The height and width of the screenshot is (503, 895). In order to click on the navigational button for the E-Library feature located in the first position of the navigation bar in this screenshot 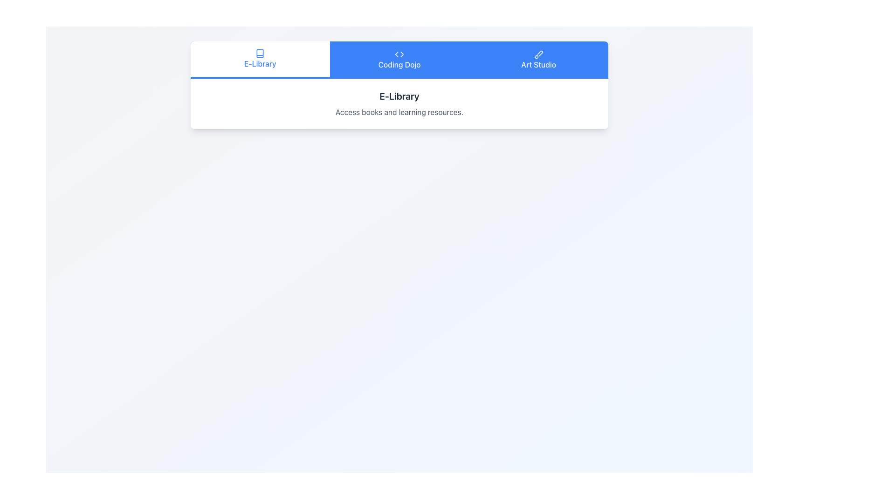, I will do `click(260, 60)`.